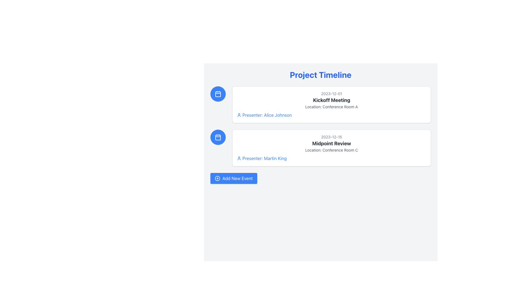 This screenshot has width=526, height=296. What do you see at coordinates (234, 178) in the screenshot?
I see `the button that initiates the creation of a new event, located at the bottom left of the event list` at bounding box center [234, 178].